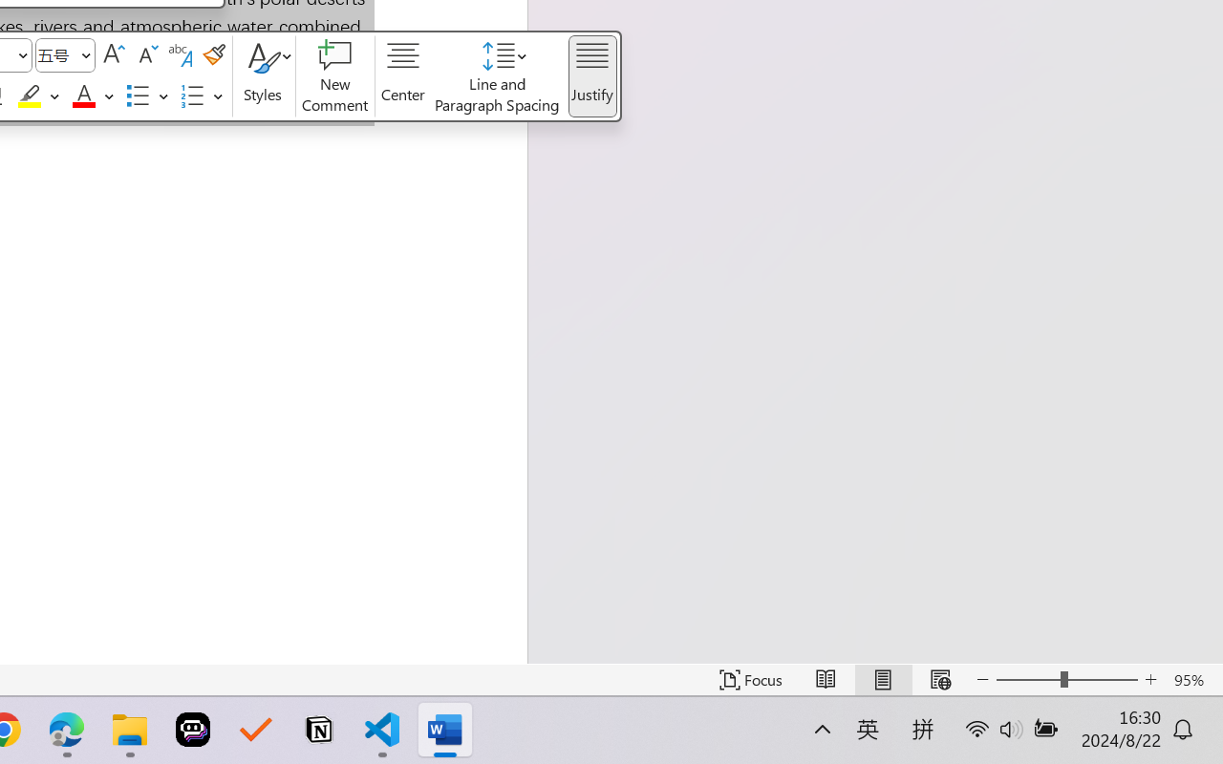 The height and width of the screenshot is (764, 1223). What do you see at coordinates (498, 76) in the screenshot?
I see `'Line and Paragraph Spacing'` at bounding box center [498, 76].